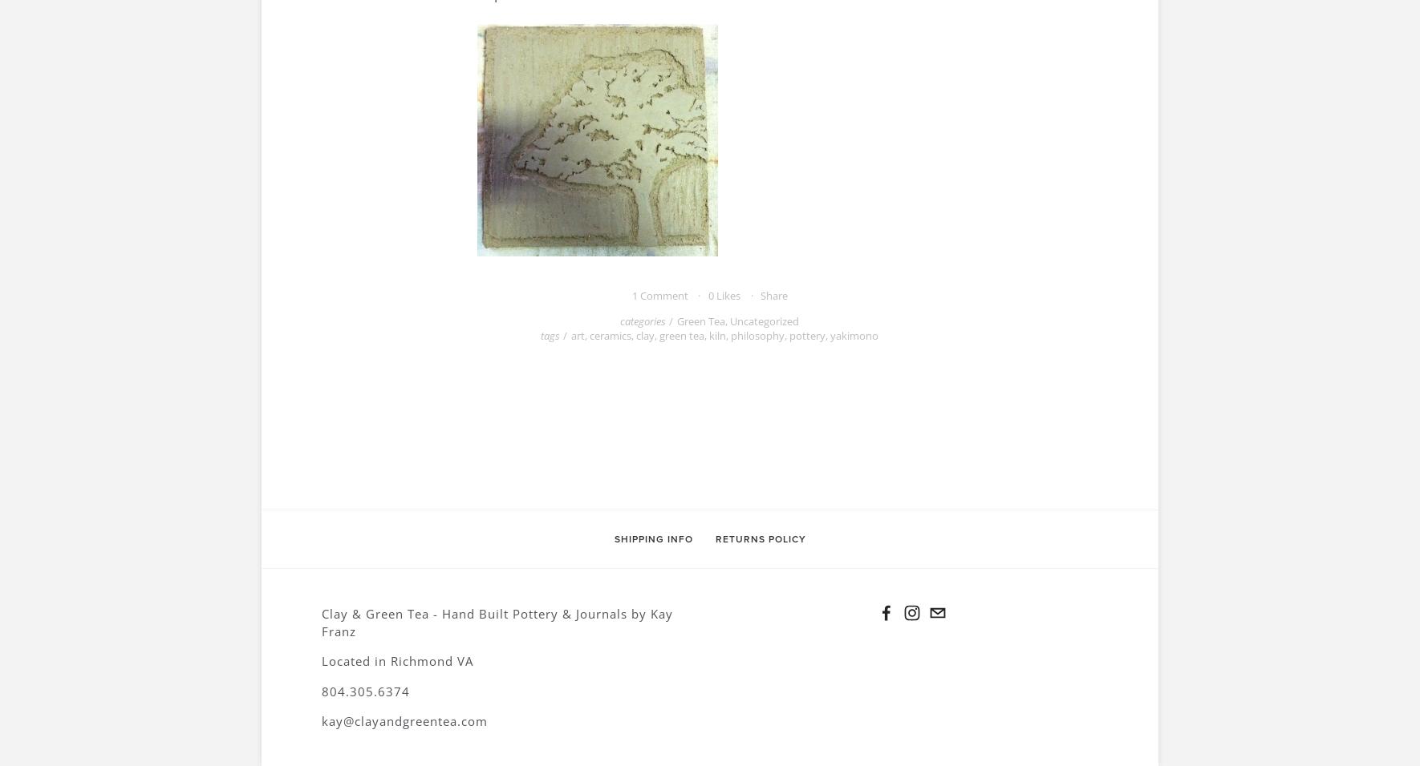  What do you see at coordinates (760, 294) in the screenshot?
I see `'Share'` at bounding box center [760, 294].